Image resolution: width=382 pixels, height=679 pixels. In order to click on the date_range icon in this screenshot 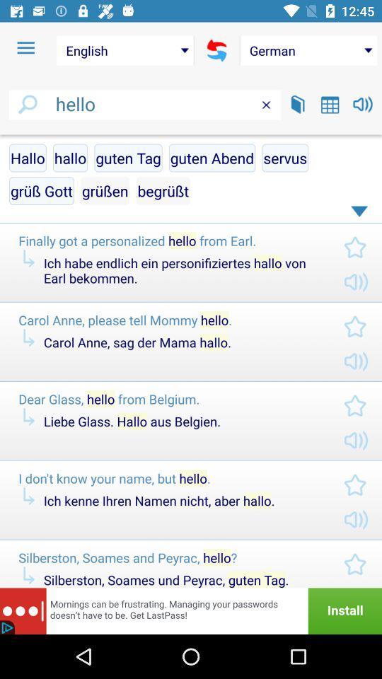, I will do `click(330, 104)`.